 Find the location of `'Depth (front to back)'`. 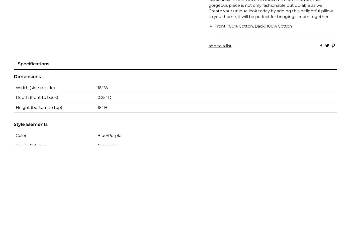

'Depth (front to back)' is located at coordinates (16, 97).